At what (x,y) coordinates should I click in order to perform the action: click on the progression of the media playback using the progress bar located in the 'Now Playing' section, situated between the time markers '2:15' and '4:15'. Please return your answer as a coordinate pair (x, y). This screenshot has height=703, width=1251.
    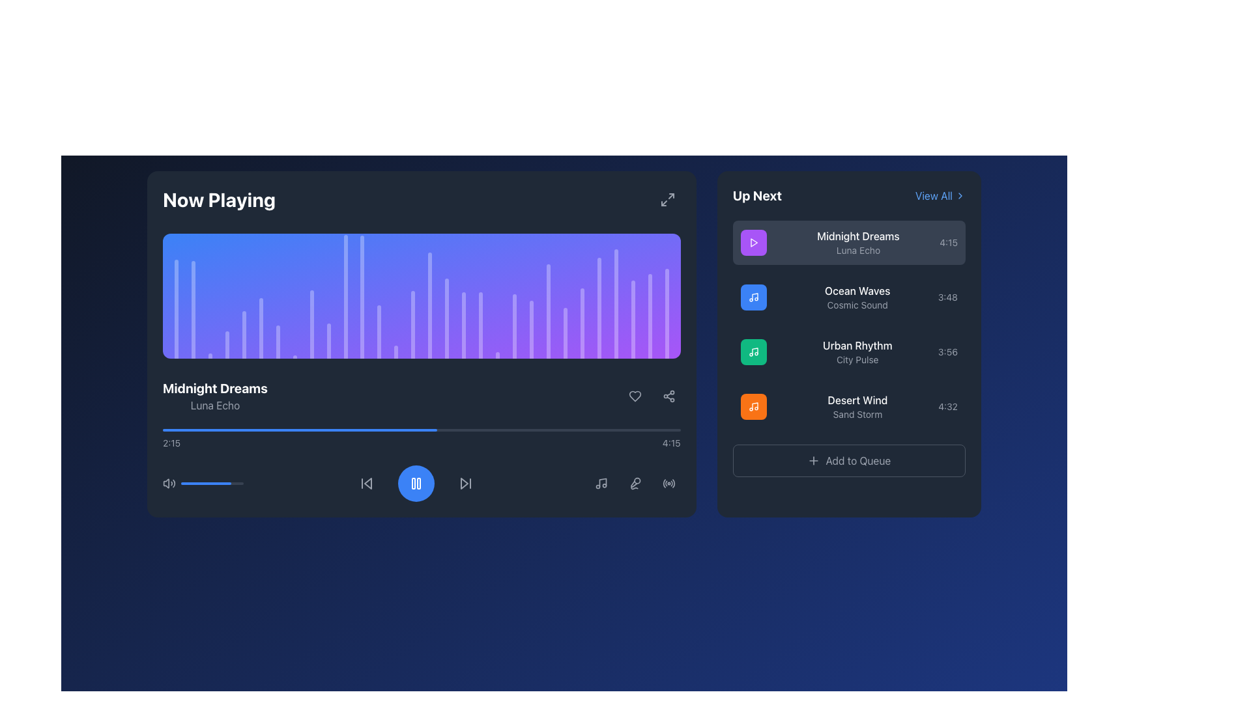
    Looking at the image, I should click on (422, 430).